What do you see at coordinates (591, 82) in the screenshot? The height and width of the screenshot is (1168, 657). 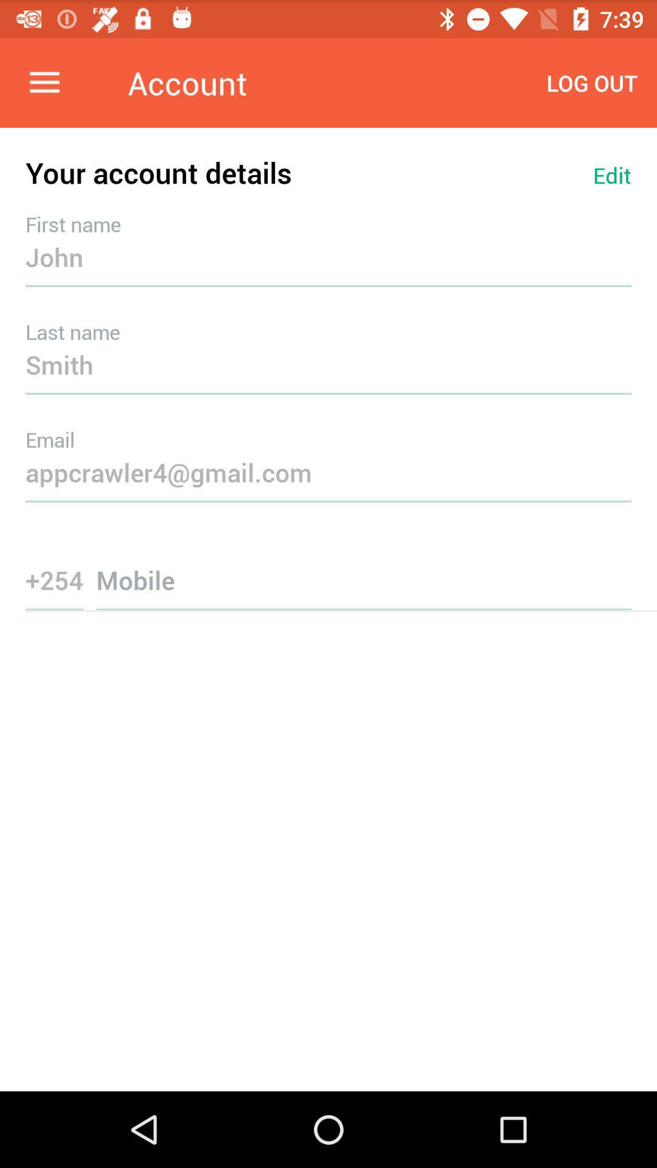 I see `log out item` at bounding box center [591, 82].